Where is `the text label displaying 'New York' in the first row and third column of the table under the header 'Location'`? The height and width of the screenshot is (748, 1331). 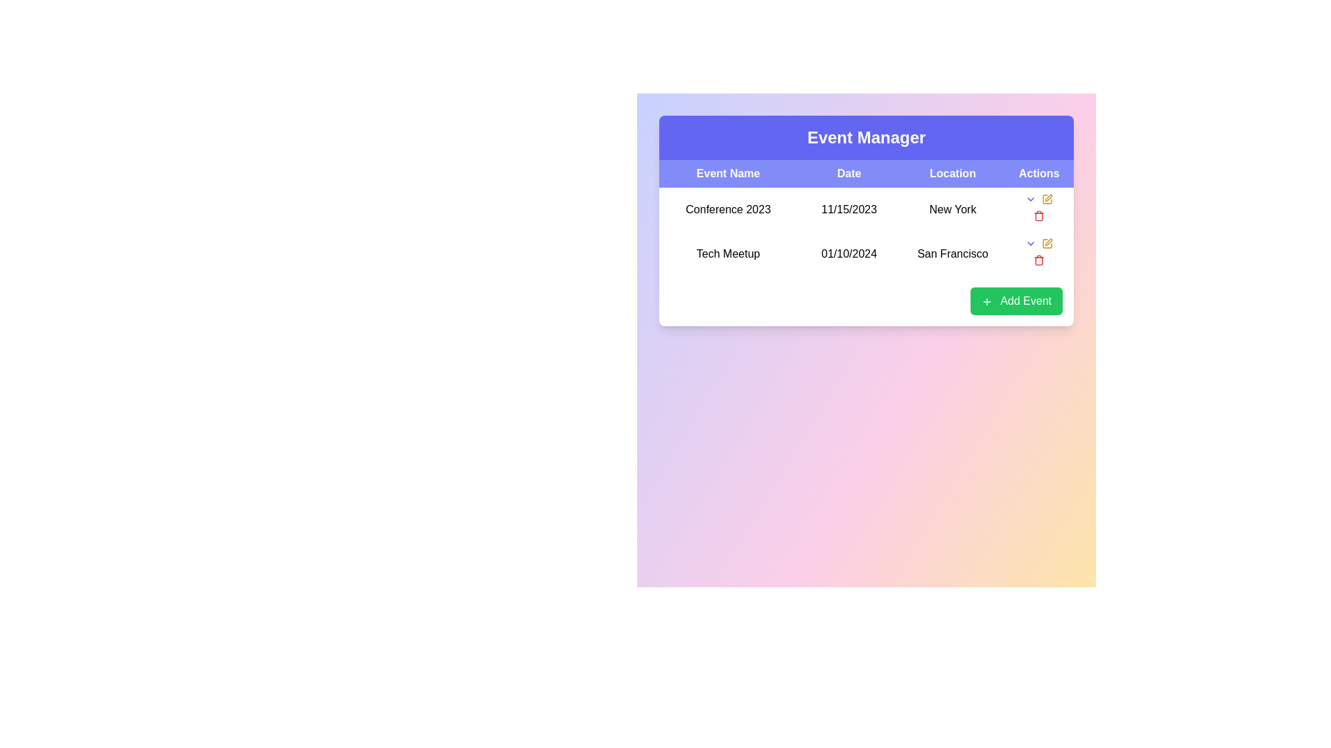 the text label displaying 'New York' in the first row and third column of the table under the header 'Location' is located at coordinates (952, 210).